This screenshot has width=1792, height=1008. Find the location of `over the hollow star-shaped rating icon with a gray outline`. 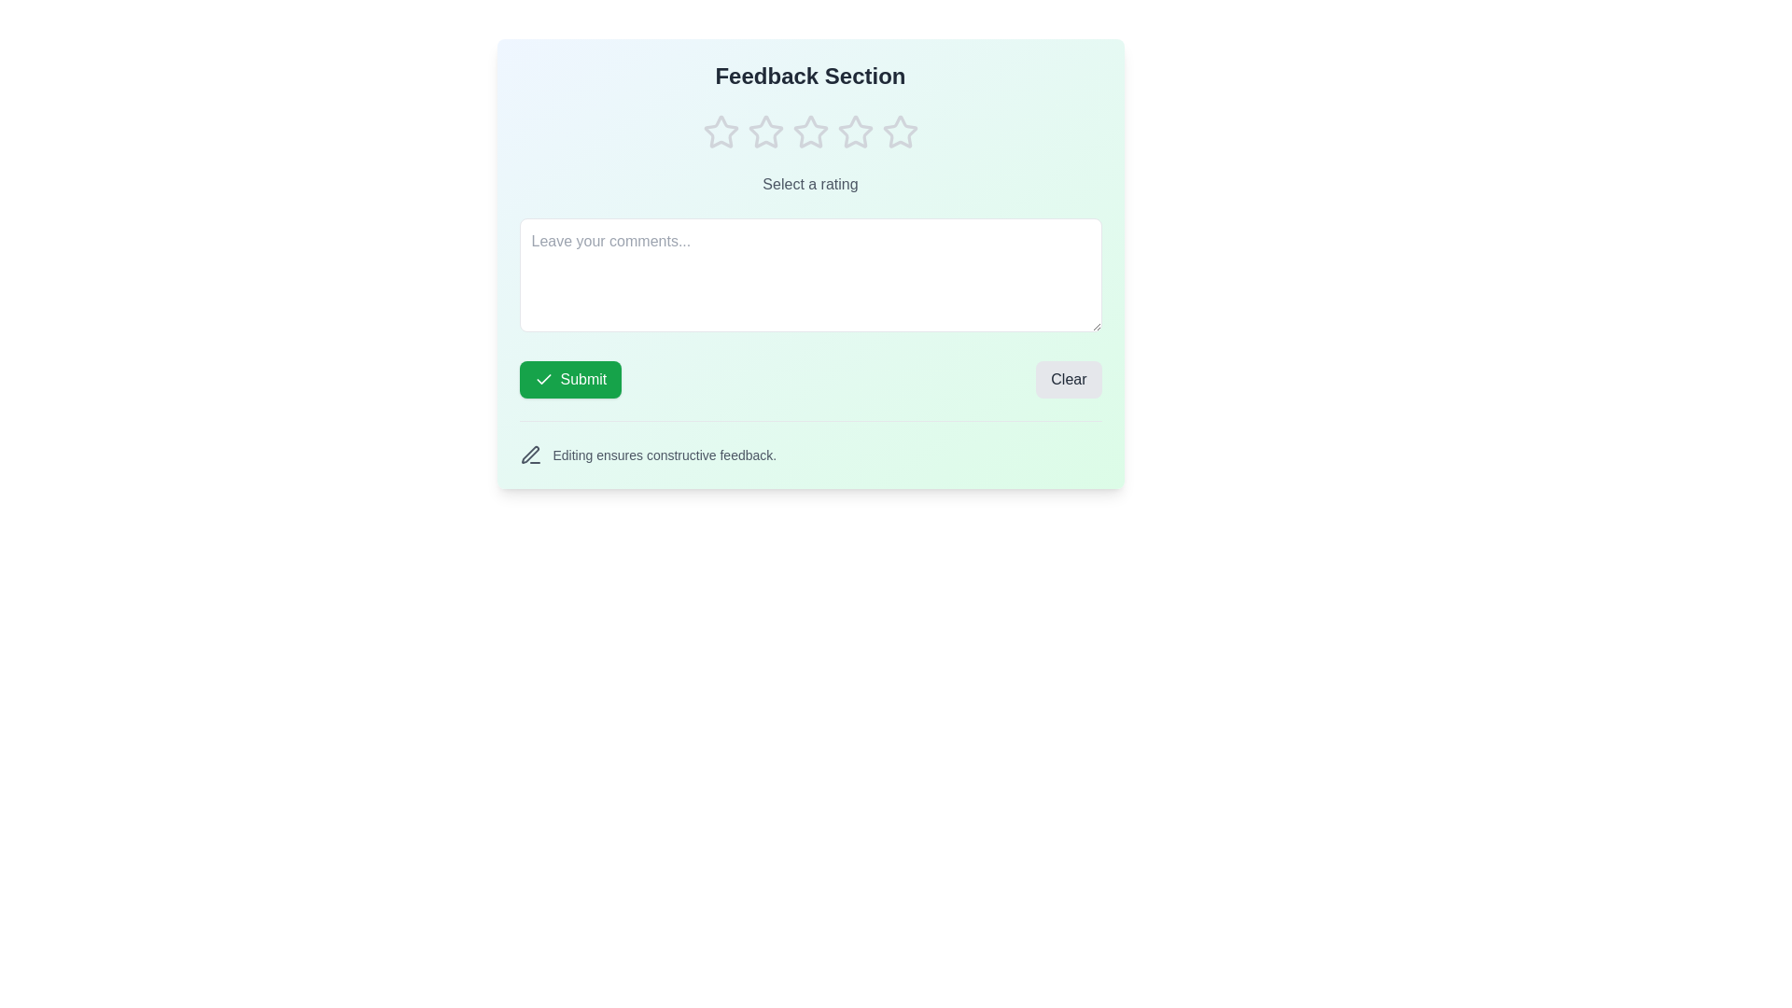

over the hollow star-shaped rating icon with a gray outline is located at coordinates (720, 131).